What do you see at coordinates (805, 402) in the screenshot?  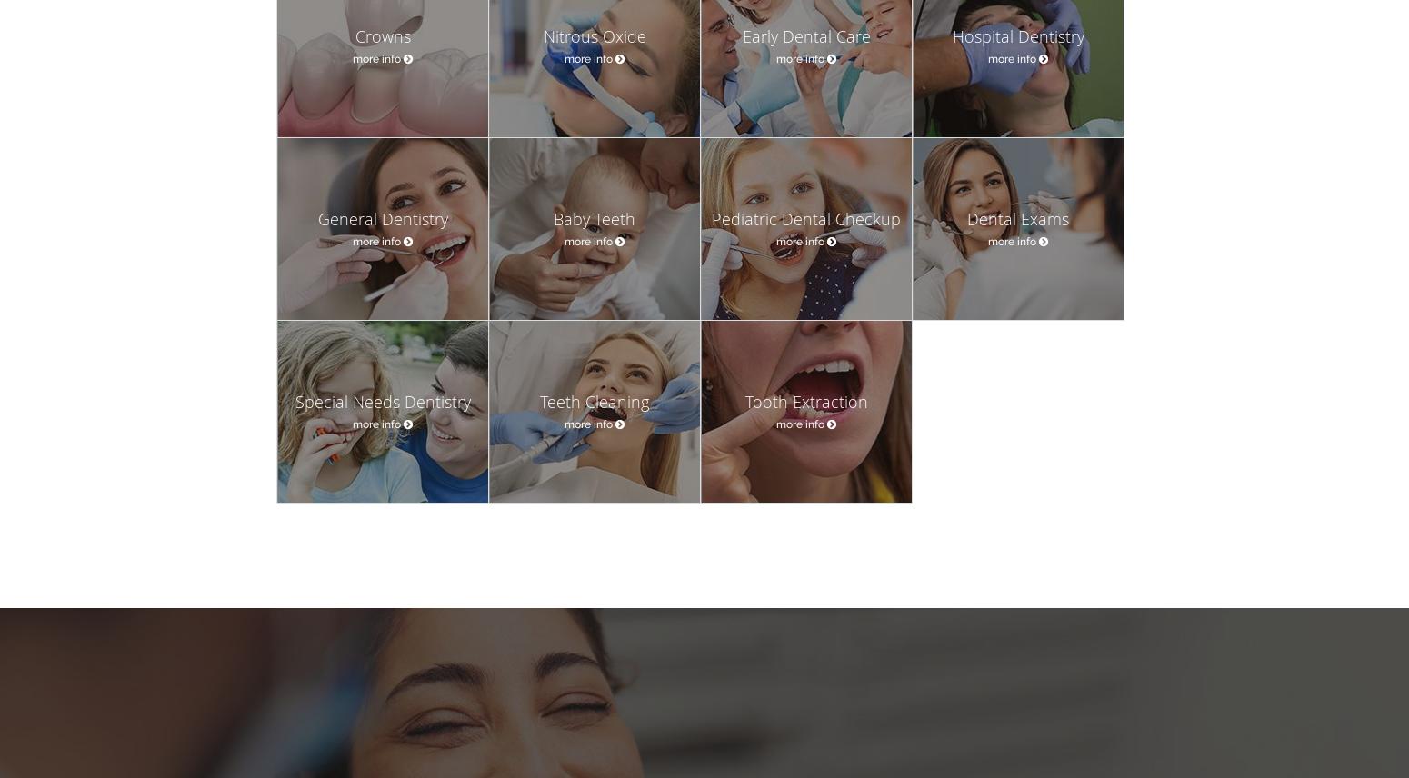 I see `'Tooth Extraction'` at bounding box center [805, 402].